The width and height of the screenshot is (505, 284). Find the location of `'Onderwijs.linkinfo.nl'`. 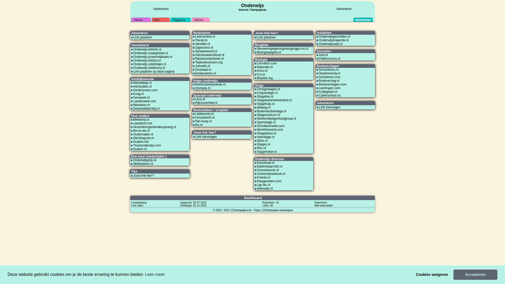

'Onderwijs.linkinfo.nl' is located at coordinates (147, 49).